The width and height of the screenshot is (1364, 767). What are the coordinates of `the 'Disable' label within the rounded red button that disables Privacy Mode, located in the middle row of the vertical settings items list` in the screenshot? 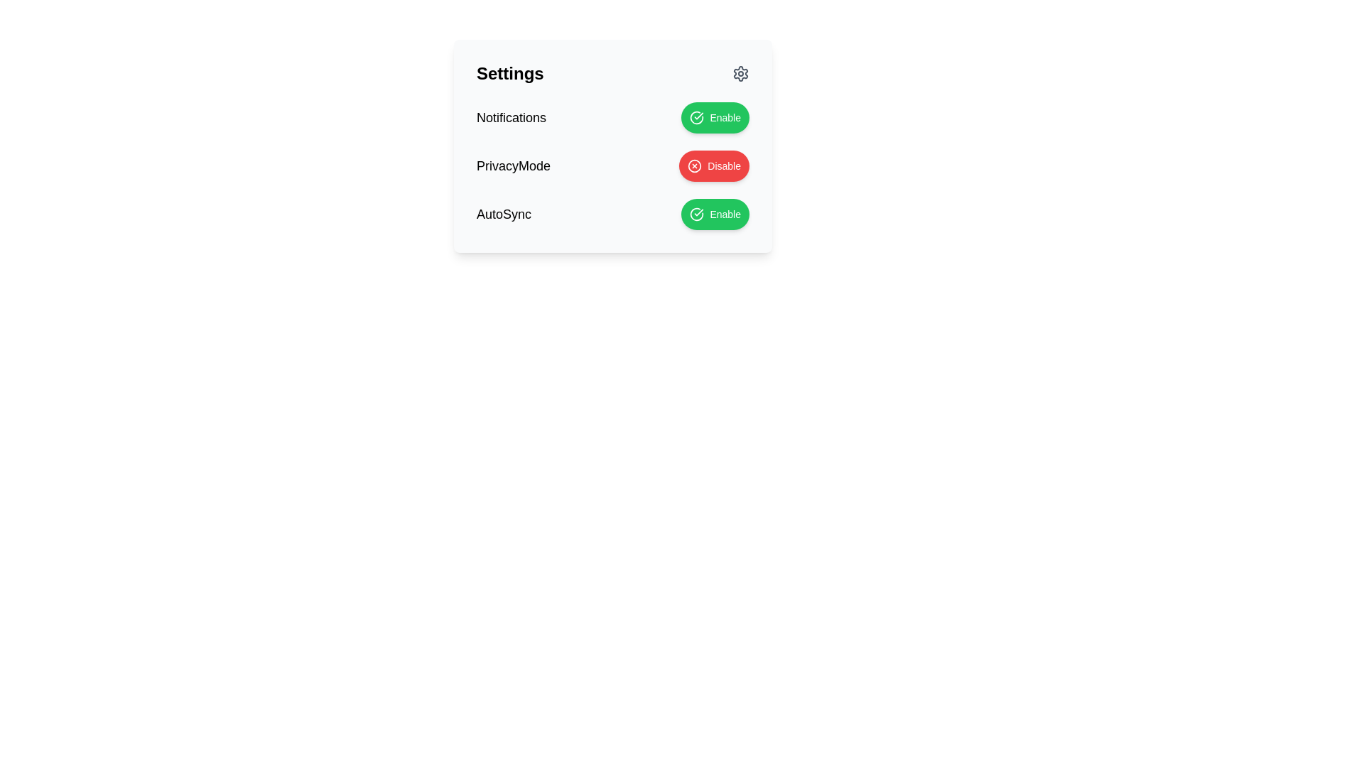 It's located at (723, 165).